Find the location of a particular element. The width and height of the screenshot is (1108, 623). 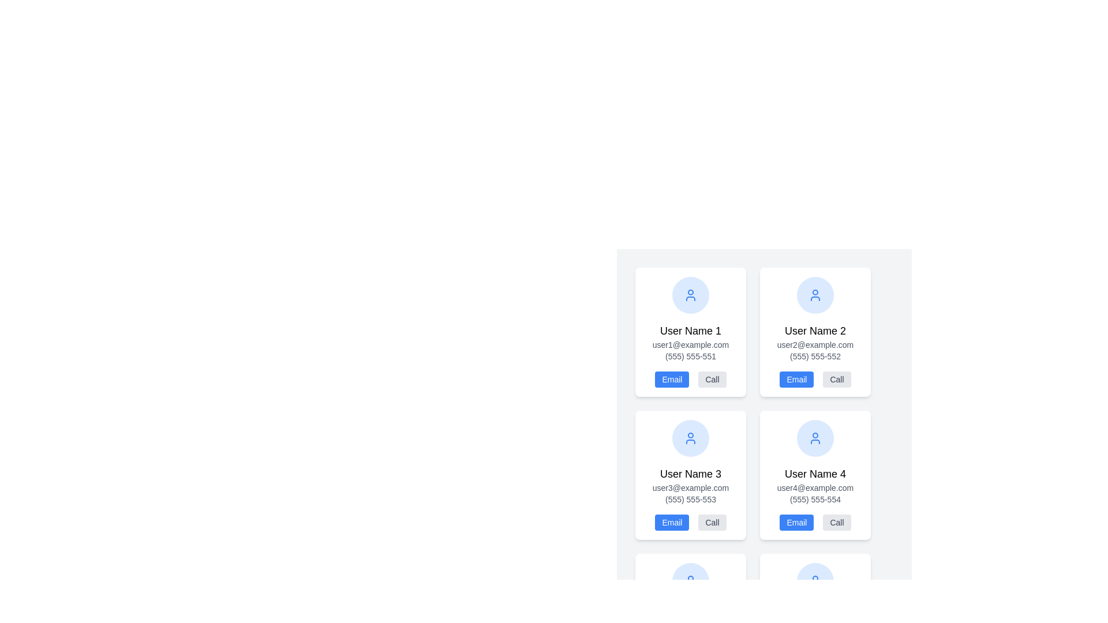

the 'Email' button located at the bottom of the user card displaying 'User Name 4', 'user4@example.com', and '(555) 555-554' is located at coordinates (814, 523).